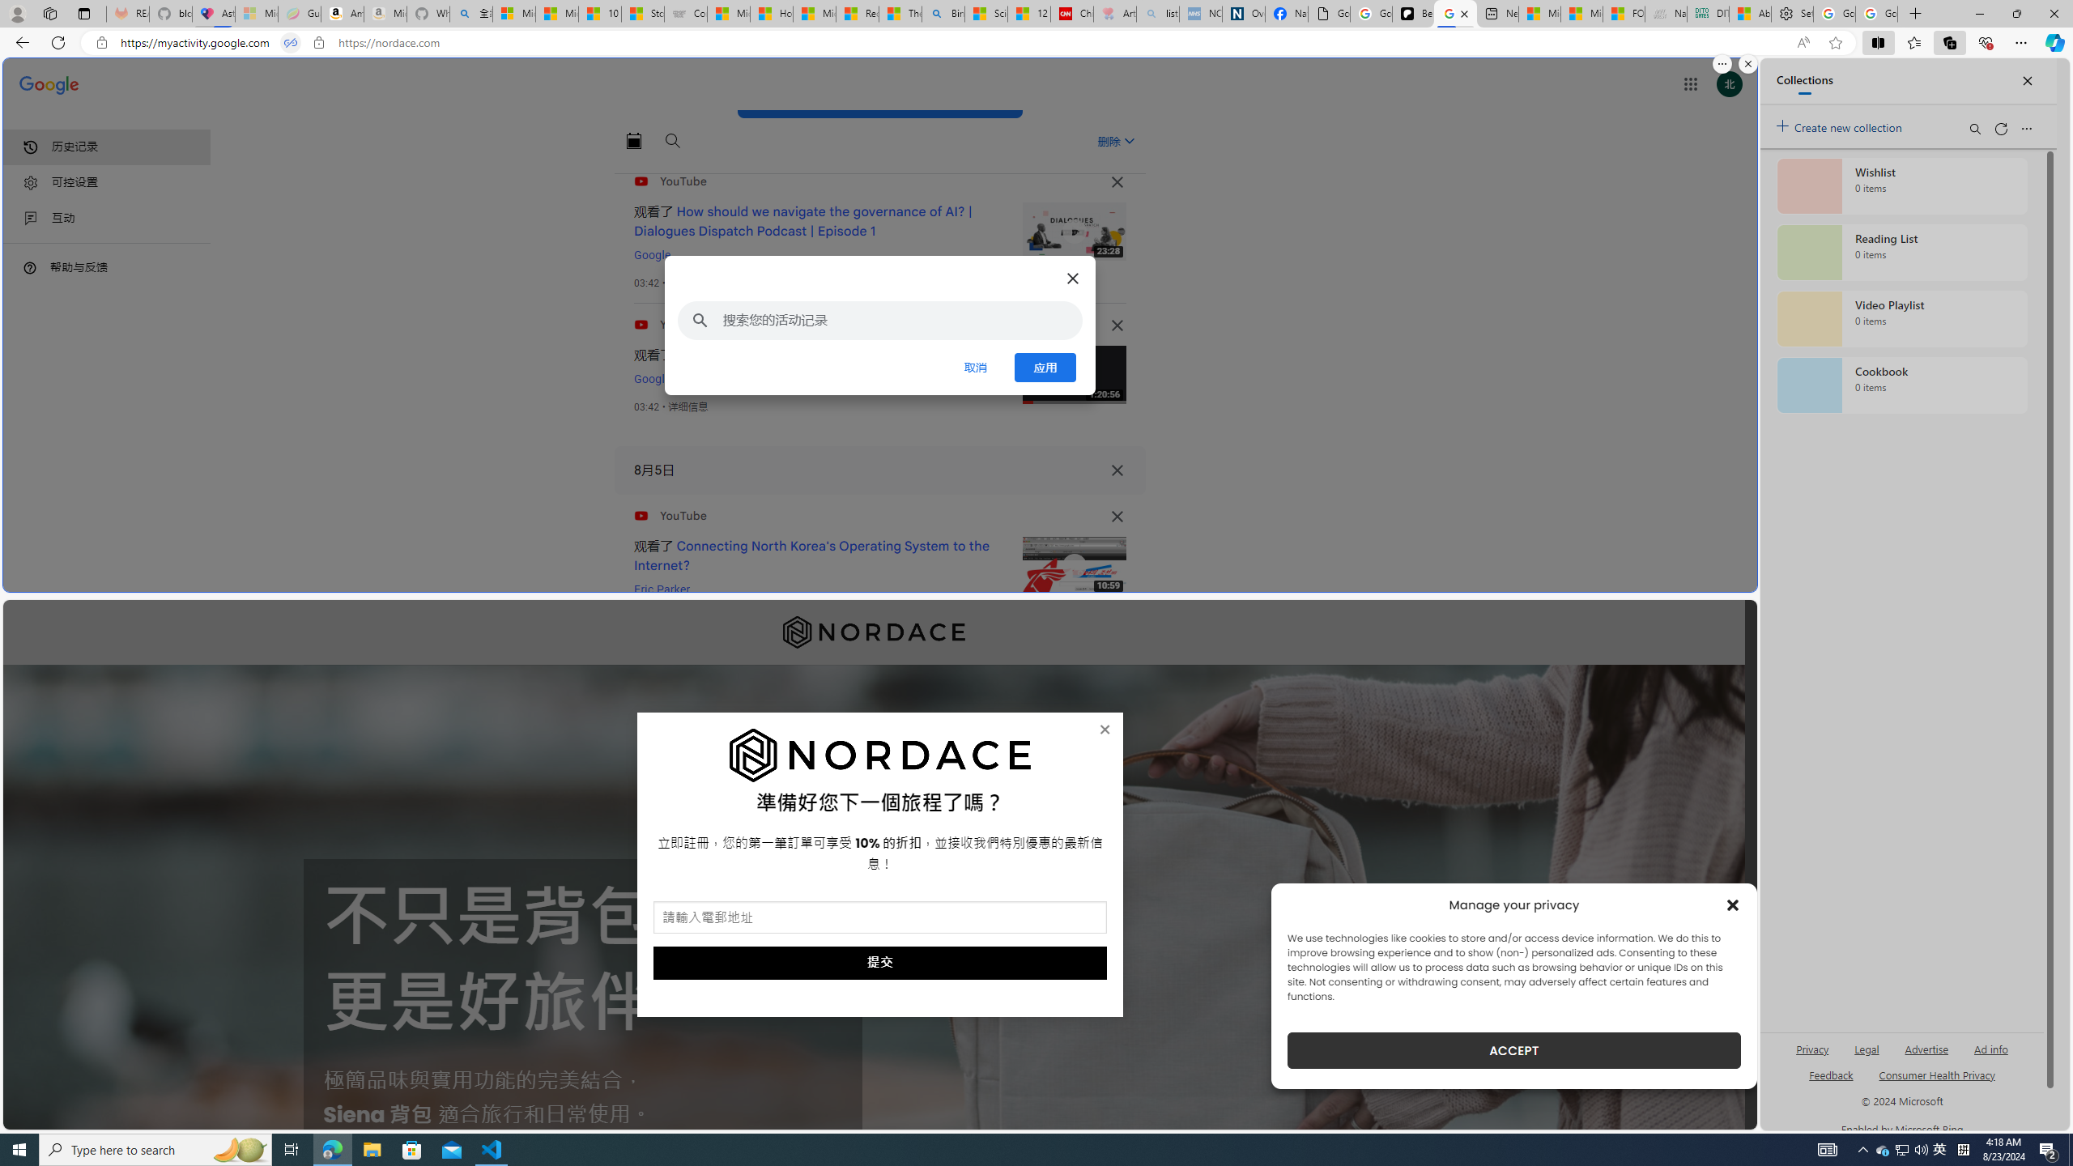 Image resolution: width=2073 pixels, height=1166 pixels. Describe the element at coordinates (1624, 13) in the screenshot. I see `'FOX News - MSN'` at that location.